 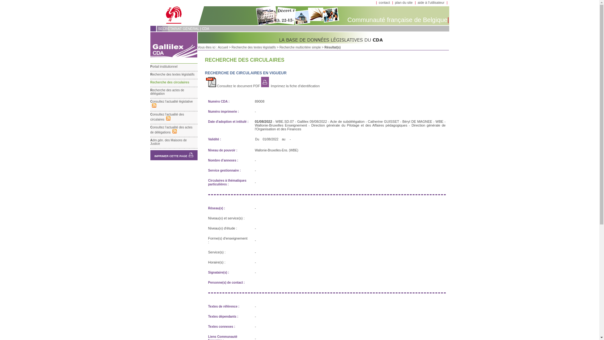 I want to click on 'plan du site', so click(x=394, y=2).